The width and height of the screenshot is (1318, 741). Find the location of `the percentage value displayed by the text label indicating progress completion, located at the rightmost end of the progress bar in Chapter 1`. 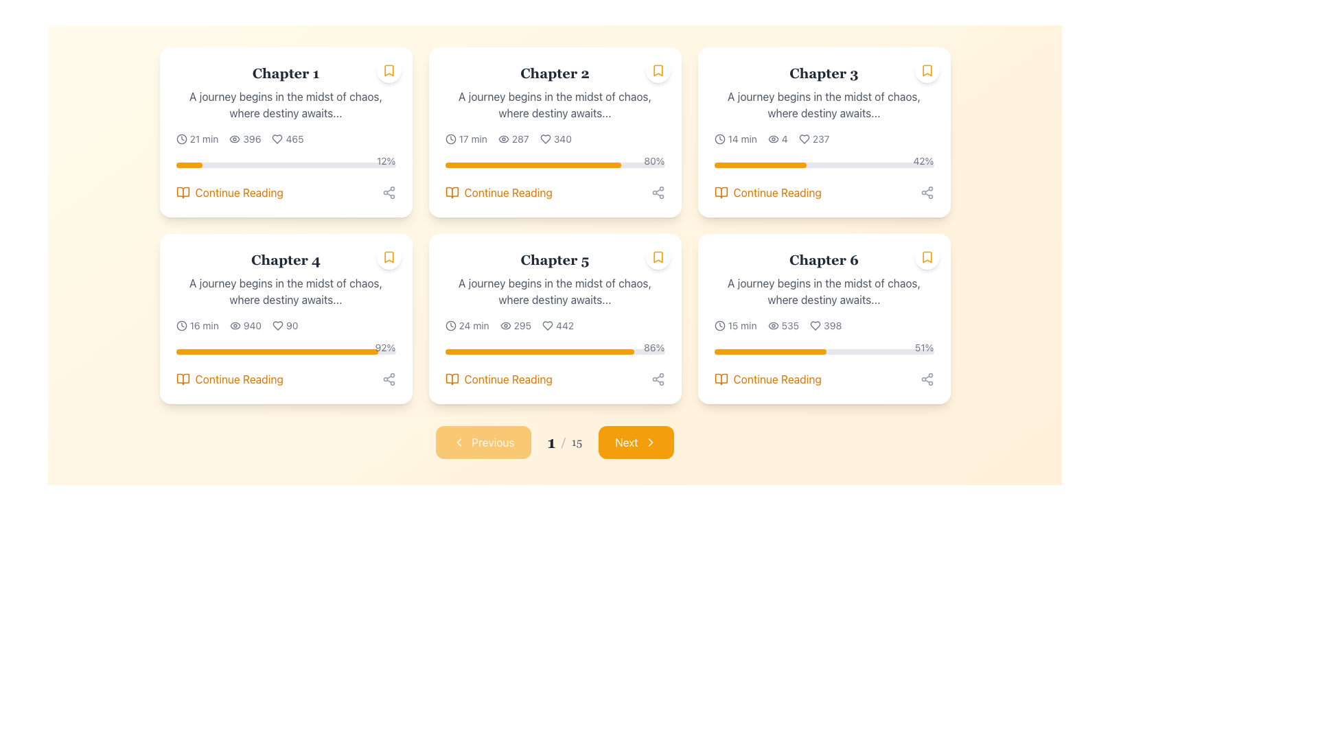

the percentage value displayed by the text label indicating progress completion, located at the rightmost end of the progress bar in Chapter 1 is located at coordinates (385, 161).